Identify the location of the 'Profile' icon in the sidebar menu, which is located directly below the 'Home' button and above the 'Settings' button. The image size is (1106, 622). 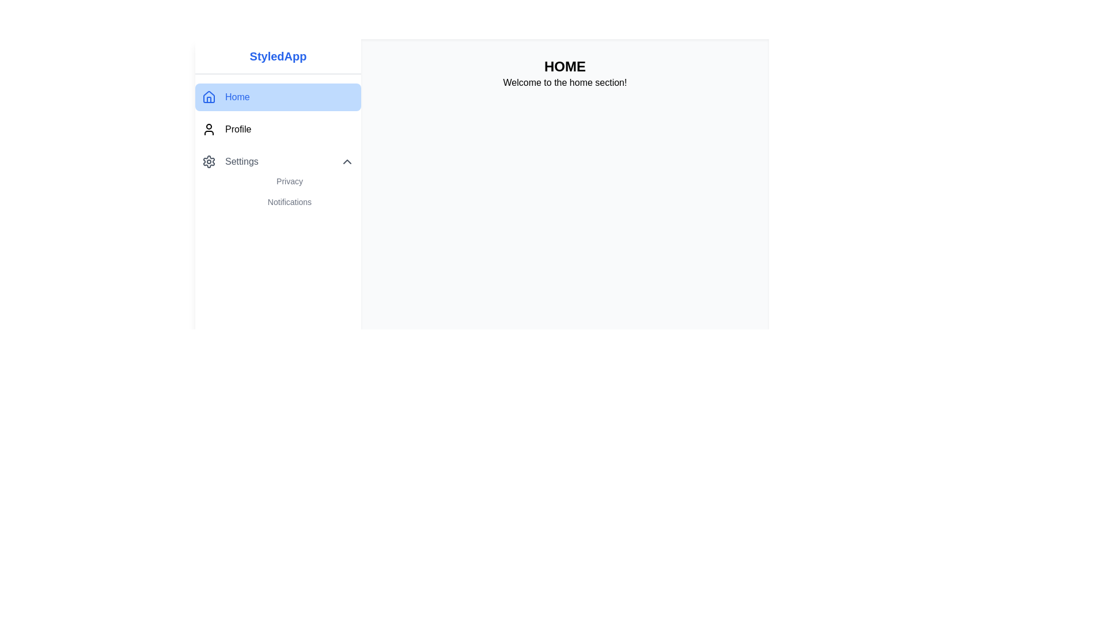
(209, 129).